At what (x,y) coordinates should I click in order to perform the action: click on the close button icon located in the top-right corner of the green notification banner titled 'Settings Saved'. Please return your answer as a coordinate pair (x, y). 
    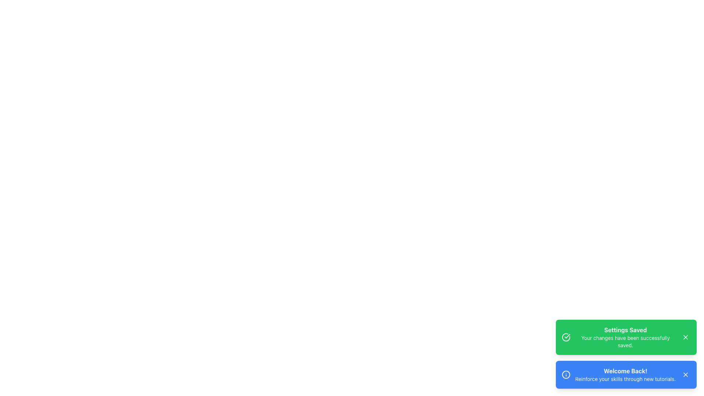
    Looking at the image, I should click on (685, 337).